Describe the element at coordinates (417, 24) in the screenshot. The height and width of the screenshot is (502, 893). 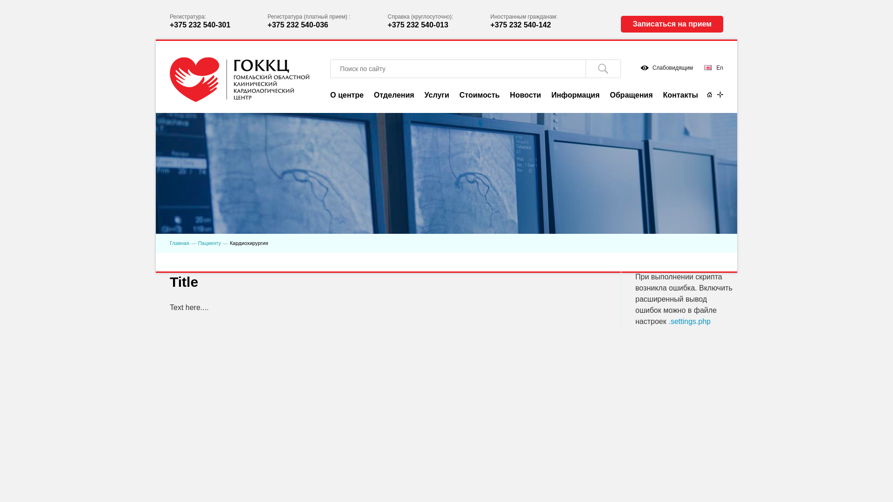
I see `'+375 232 540-013'` at that location.